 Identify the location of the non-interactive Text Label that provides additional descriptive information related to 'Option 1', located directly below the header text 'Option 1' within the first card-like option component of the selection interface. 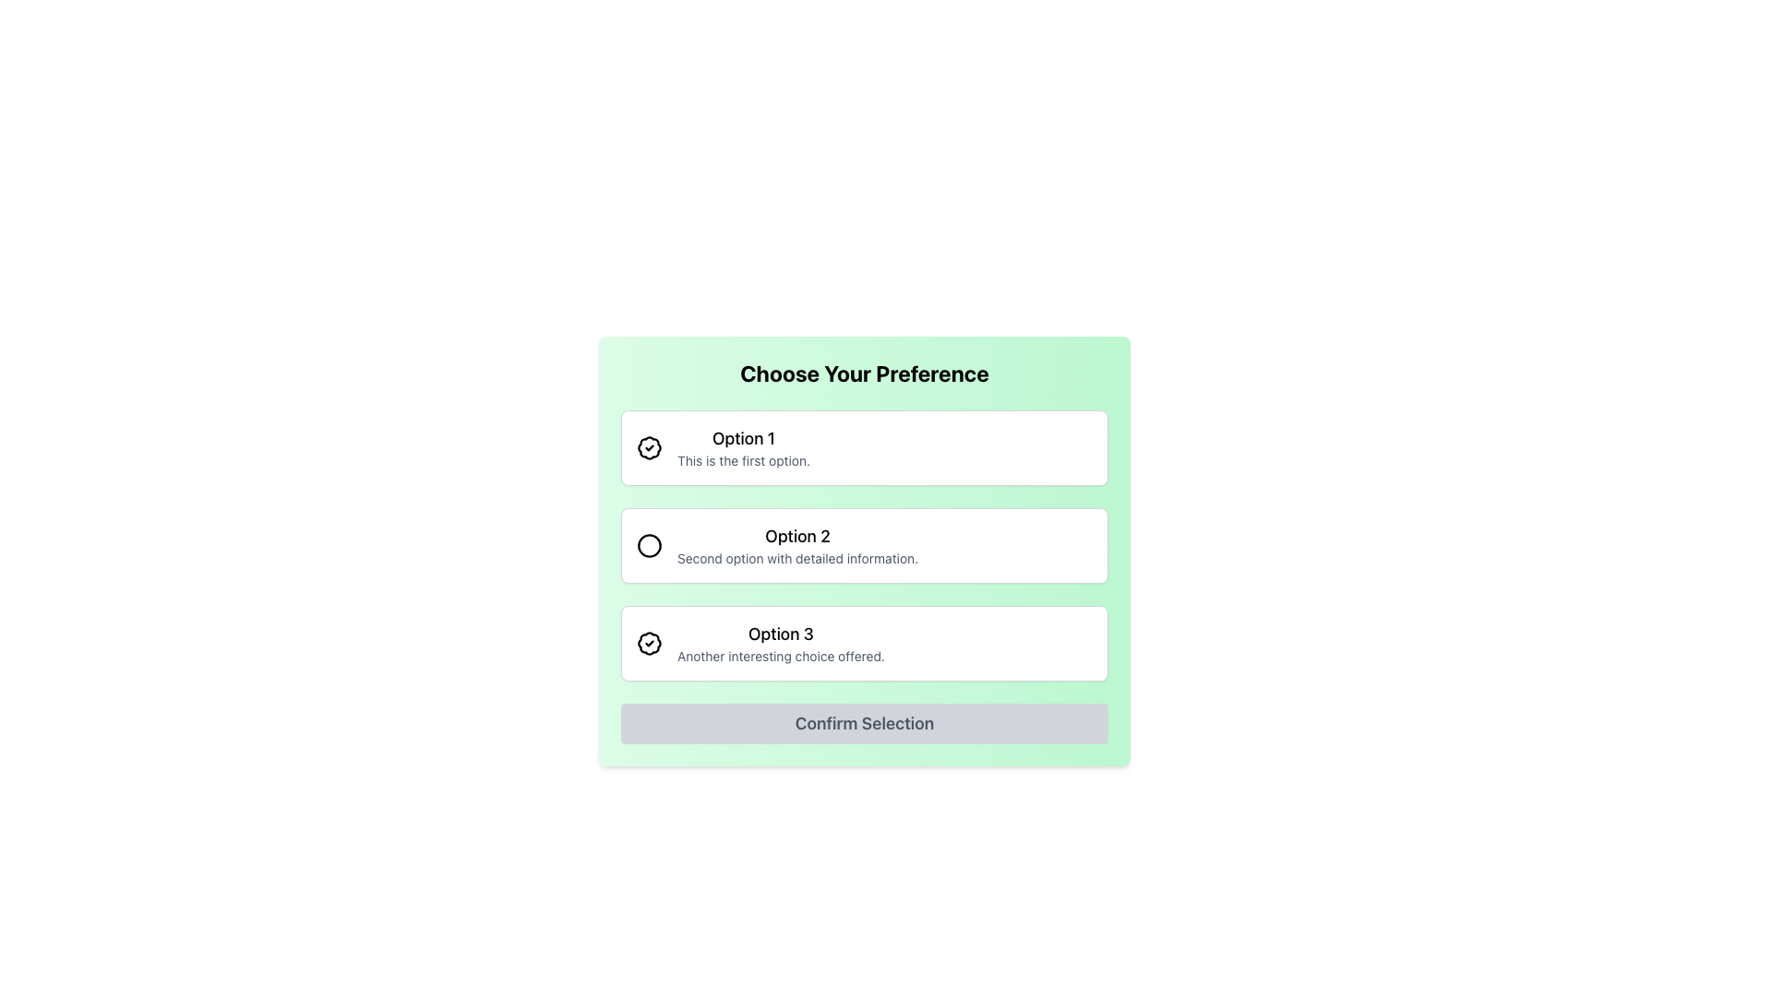
(744, 460).